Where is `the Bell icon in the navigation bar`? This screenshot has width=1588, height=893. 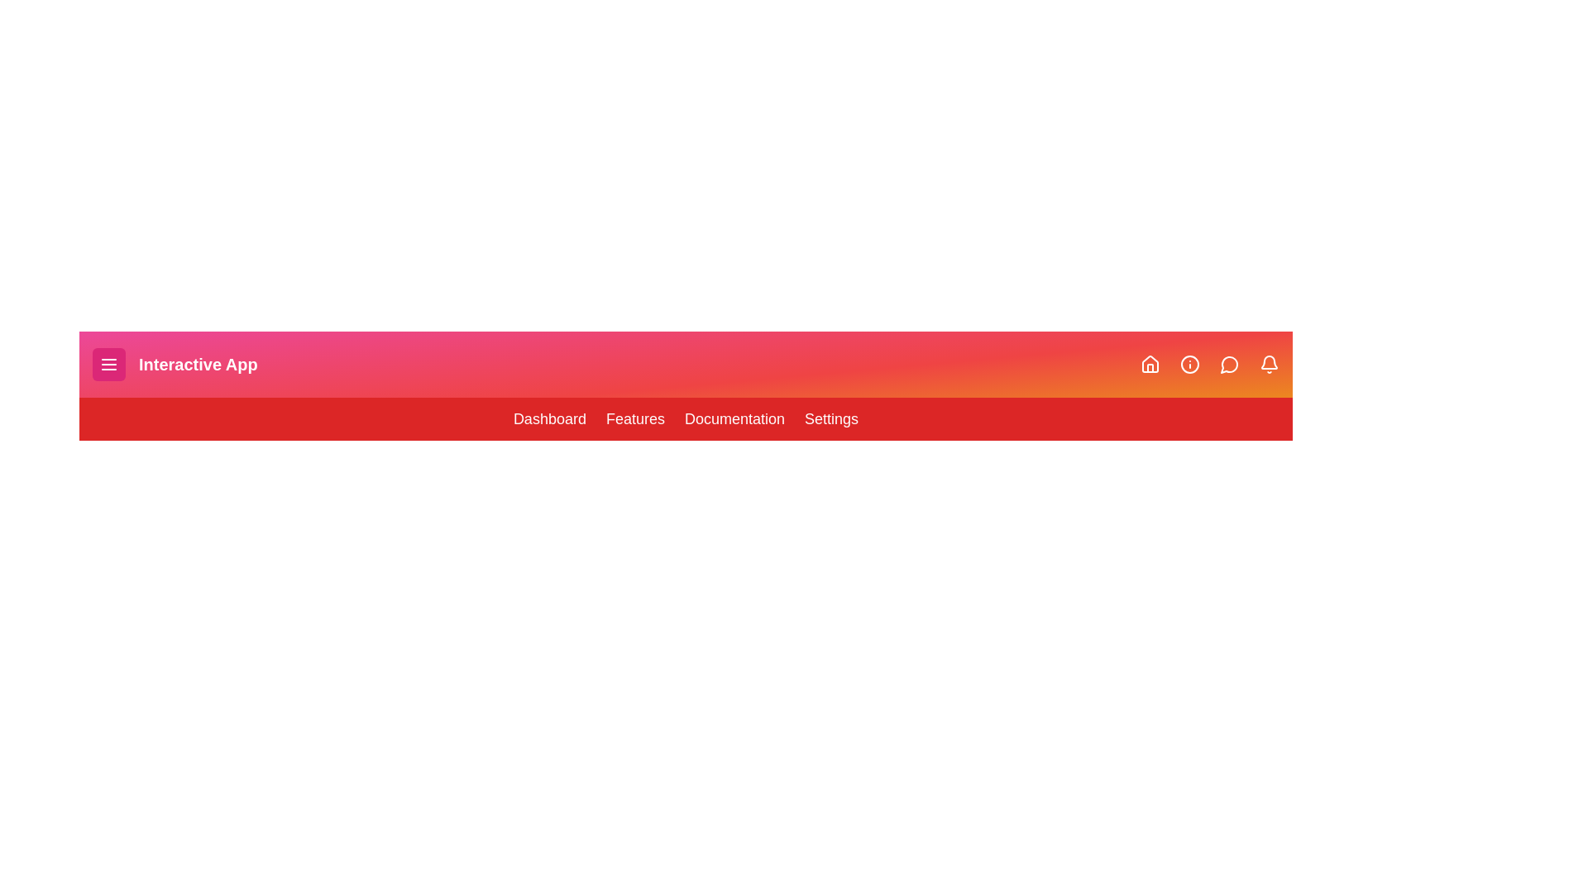
the Bell icon in the navigation bar is located at coordinates (1269, 363).